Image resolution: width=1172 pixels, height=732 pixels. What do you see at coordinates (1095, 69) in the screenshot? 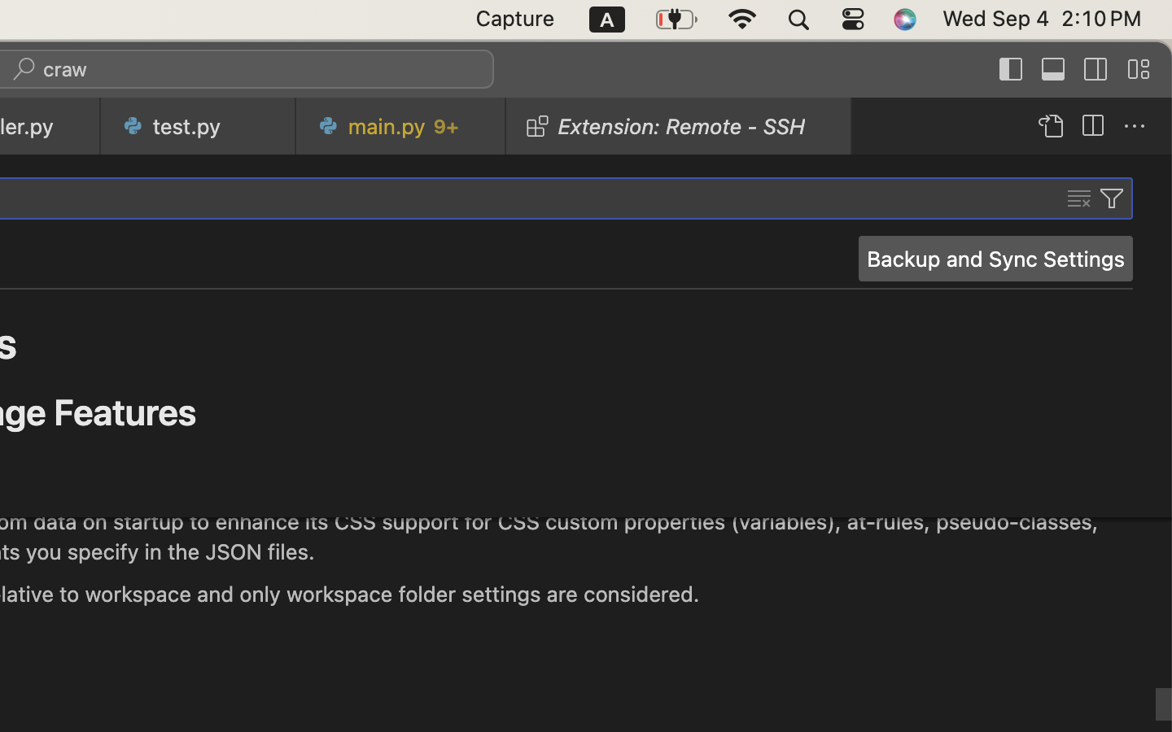
I see `''` at bounding box center [1095, 69].